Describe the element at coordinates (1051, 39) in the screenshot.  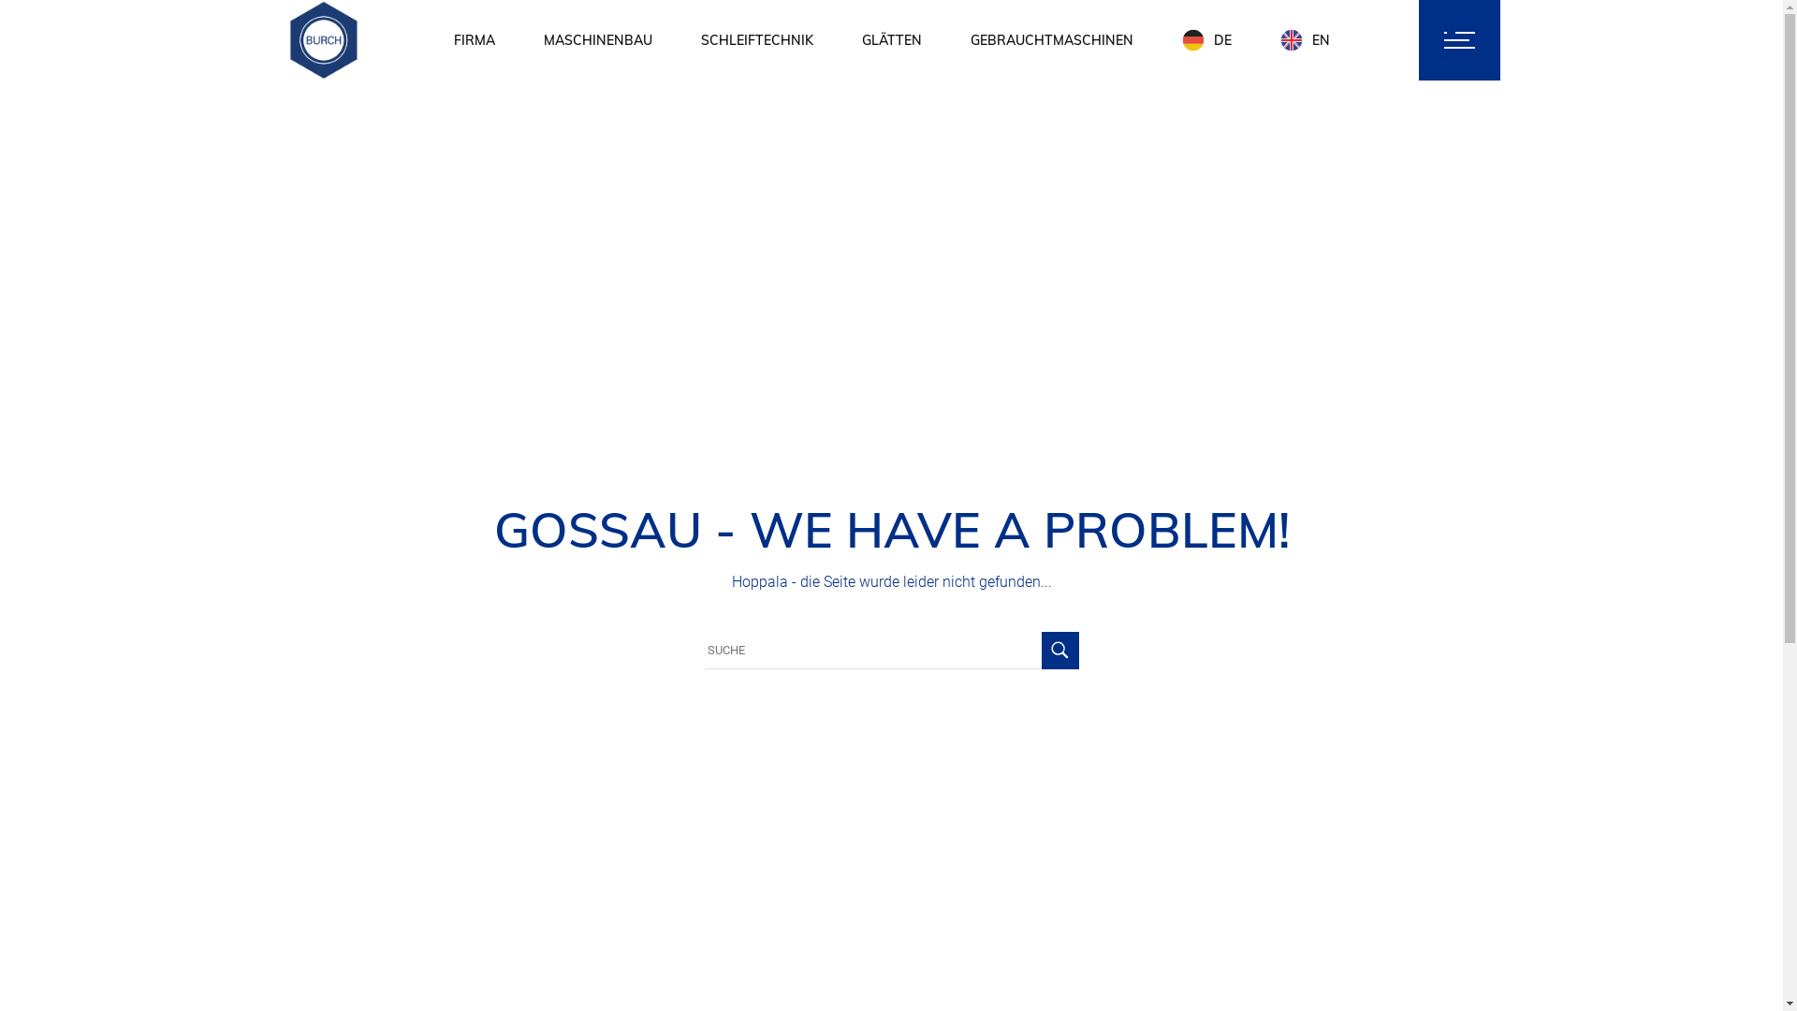
I see `'GEBRAUCHTMASCHINEN'` at that location.